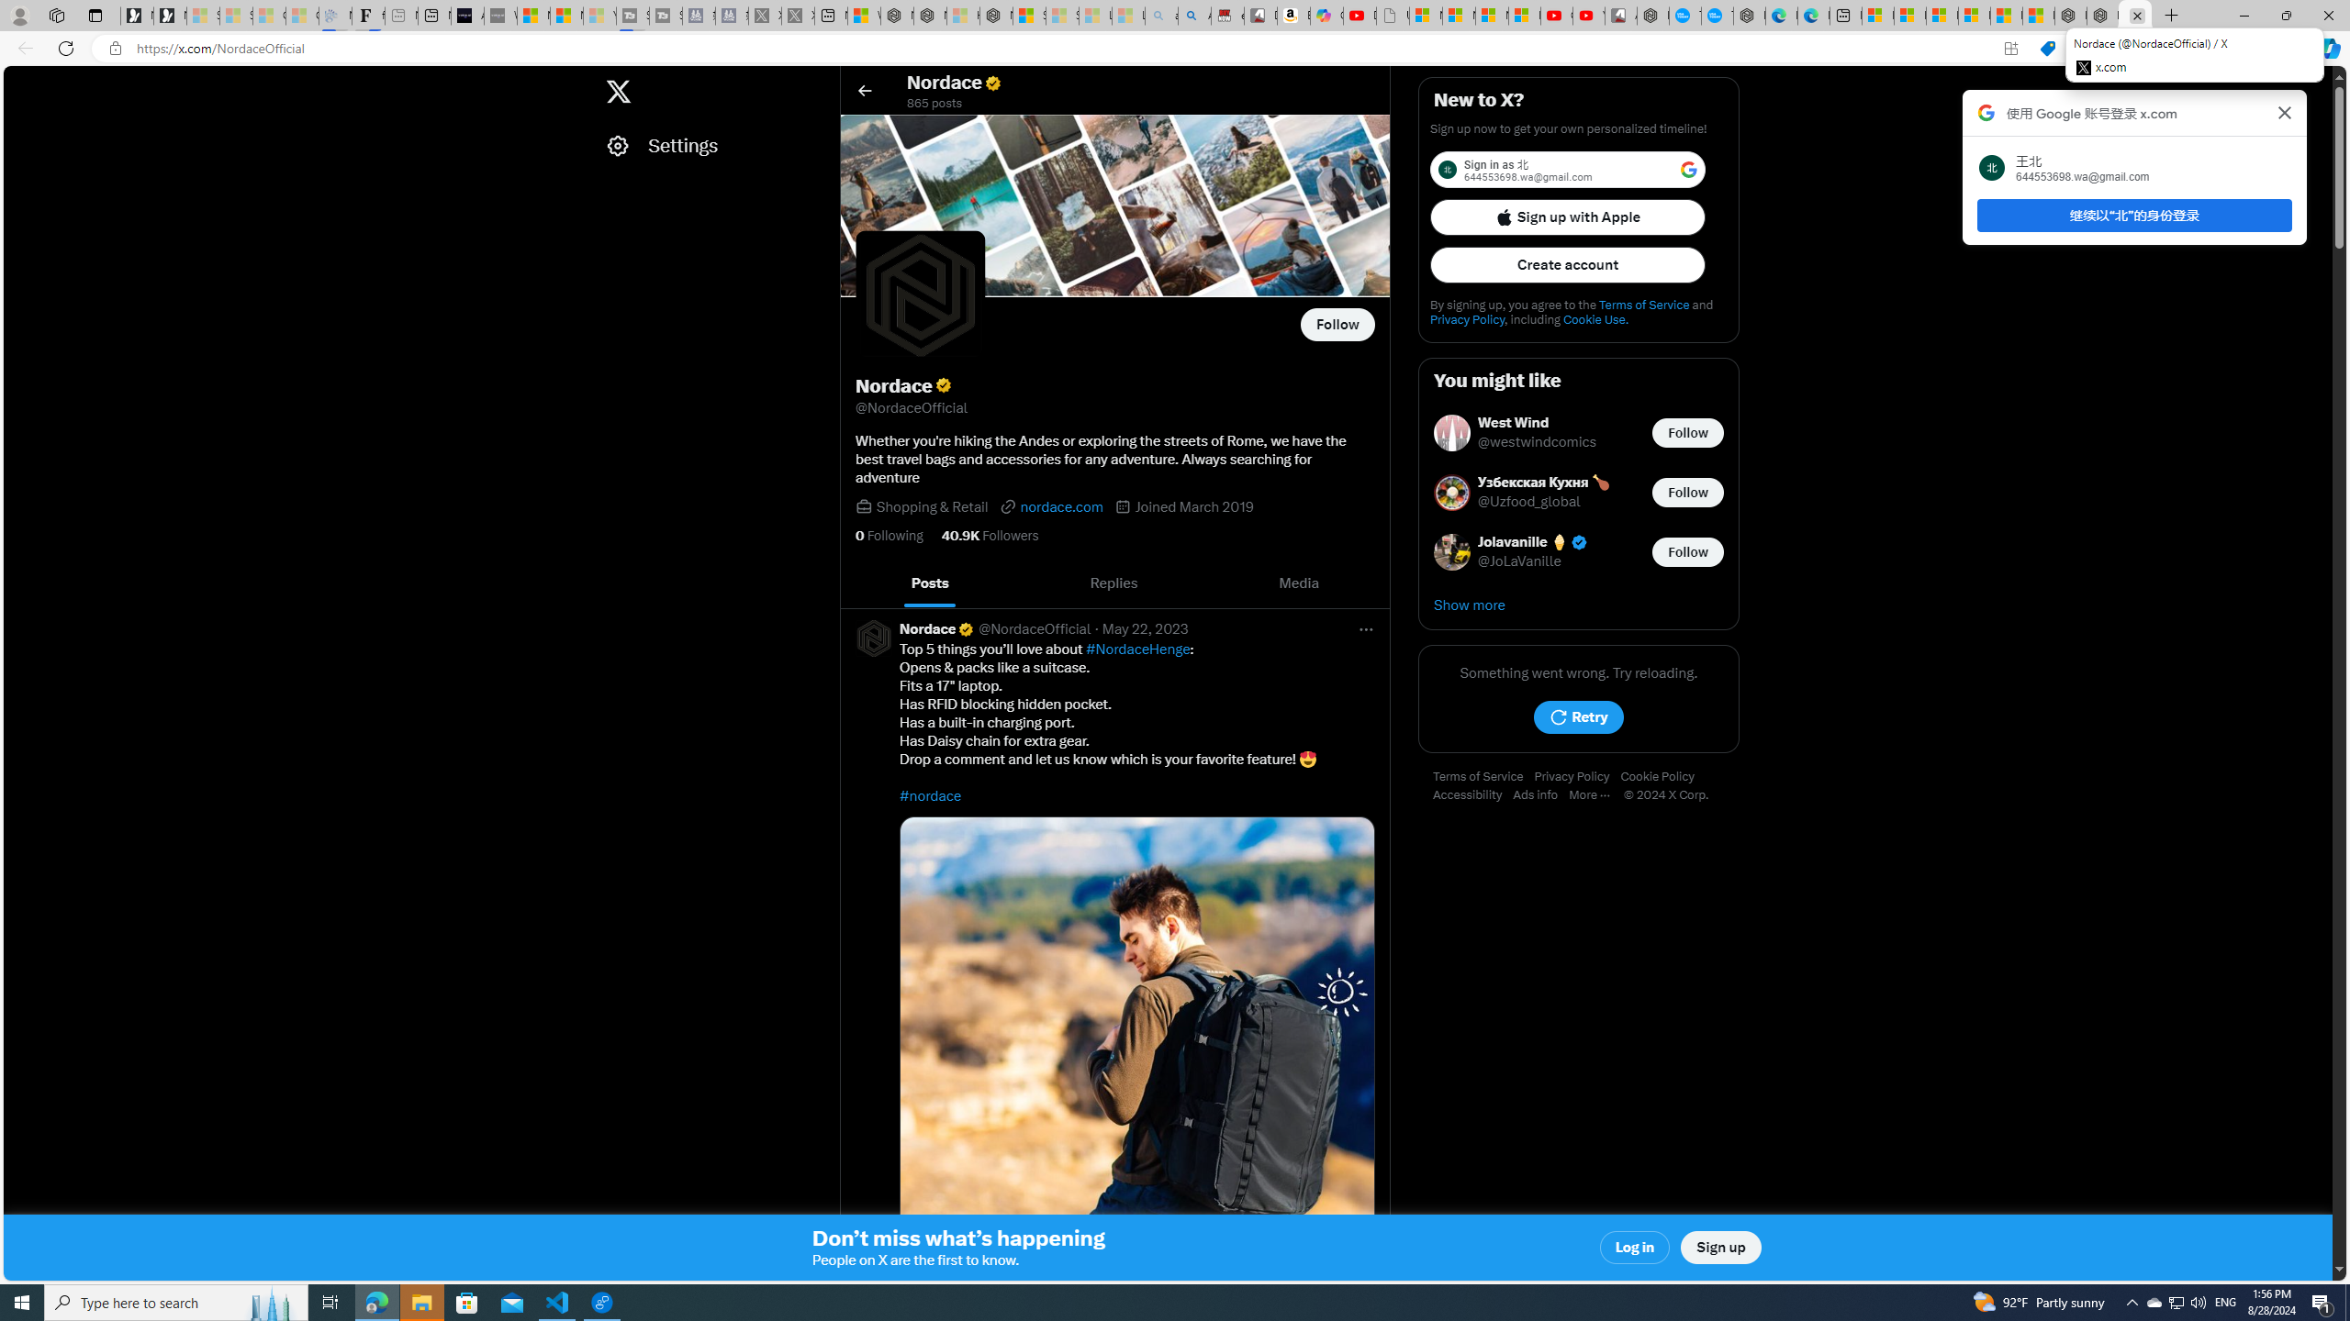 The height and width of the screenshot is (1321, 2350). What do you see at coordinates (942, 385) in the screenshot?
I see `'Provides details about verified accounts.'` at bounding box center [942, 385].